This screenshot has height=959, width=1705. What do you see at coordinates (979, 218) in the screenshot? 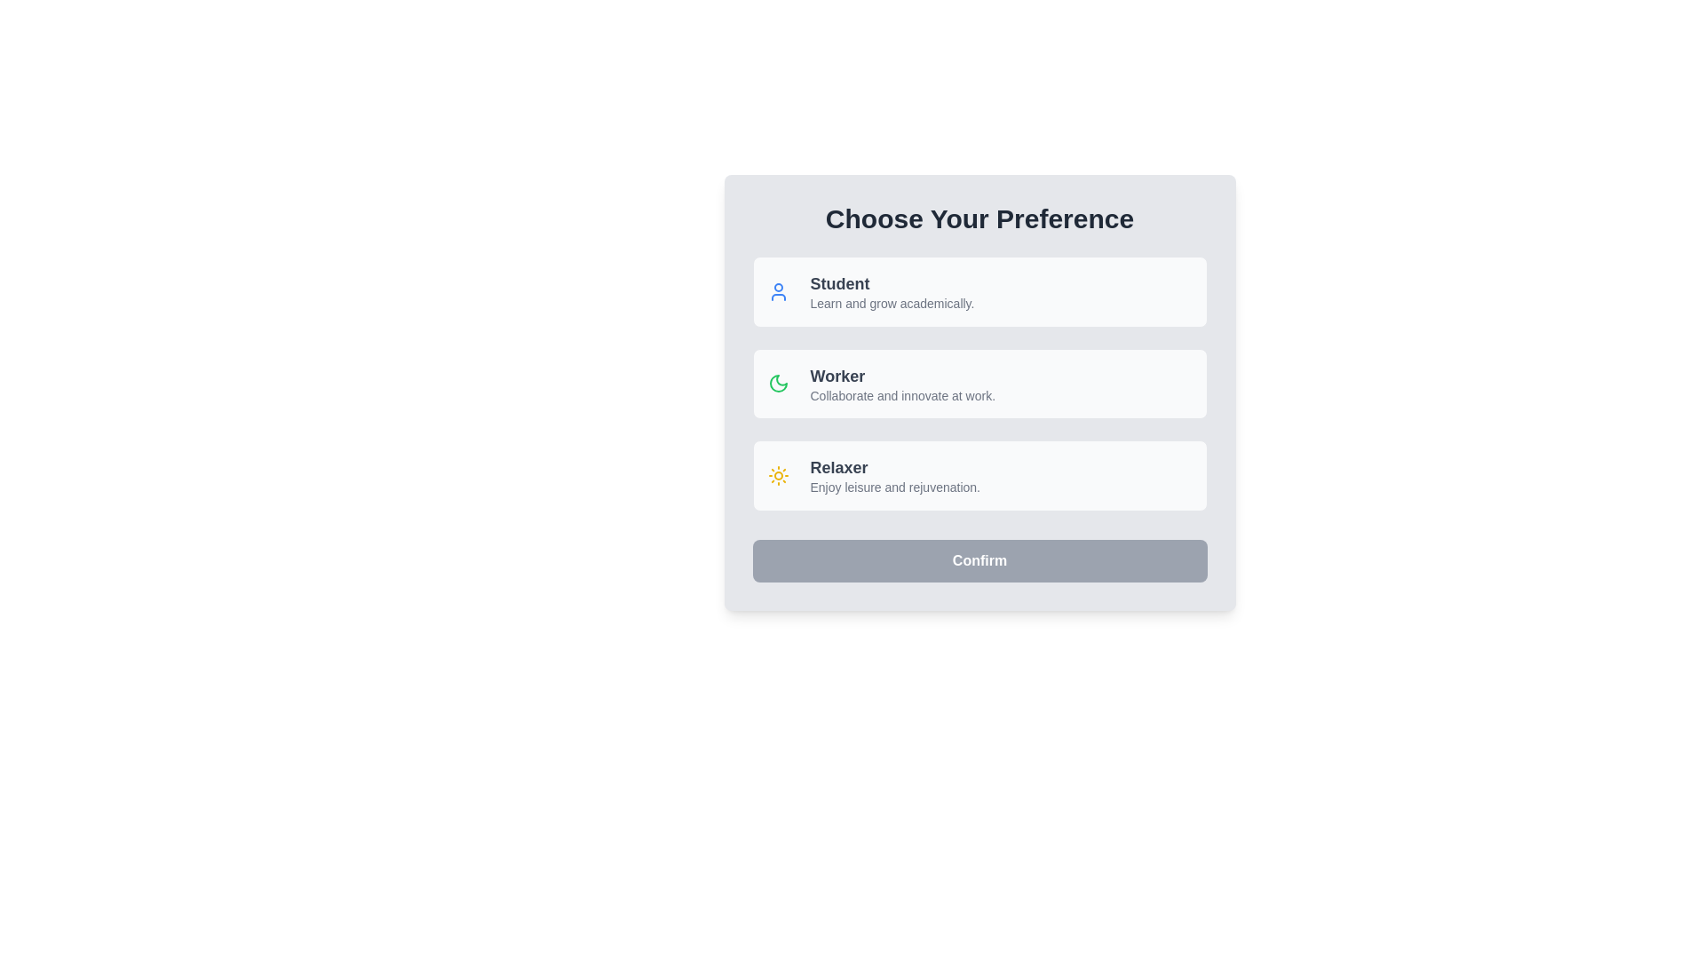
I see `the bolded header text 'Choose Your Preference' which is centered at the top of the panel and serves as a title for the options below` at bounding box center [979, 218].